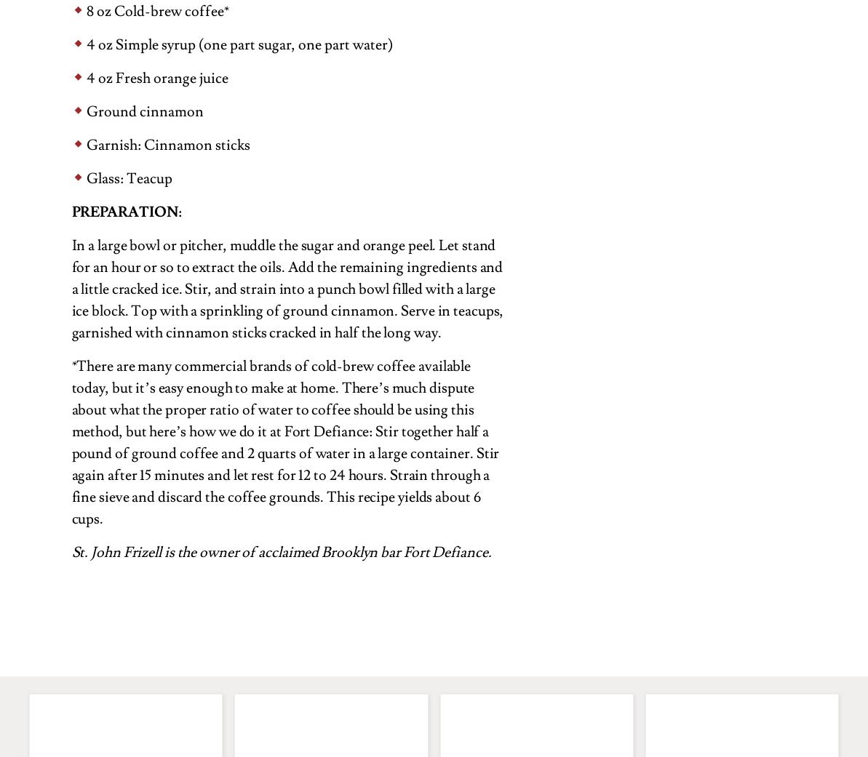 This screenshot has height=757, width=868. Describe the element at coordinates (280, 551) in the screenshot. I see `'St. John Frizell is the owner of acclaimed Brooklyn bar Fort Defiance.'` at that location.